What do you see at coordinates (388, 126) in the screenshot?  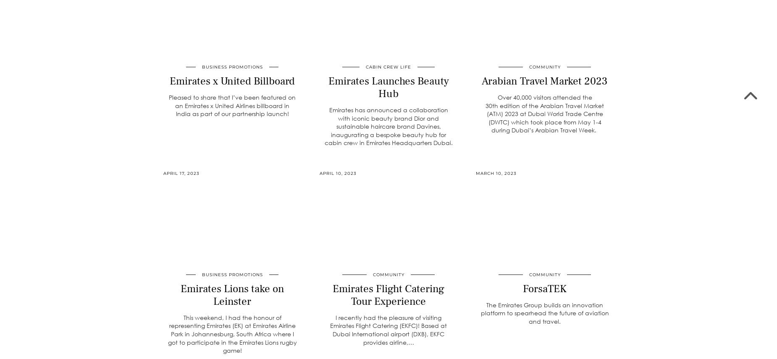 I see `'Emirates has announced a collaboration with iconic beauty brand Dior and sustainable haircare brand Davines, inaugurating a bespoke beauty hub for cabin crew in Emirates Headquarters Dubai.'` at bounding box center [388, 126].